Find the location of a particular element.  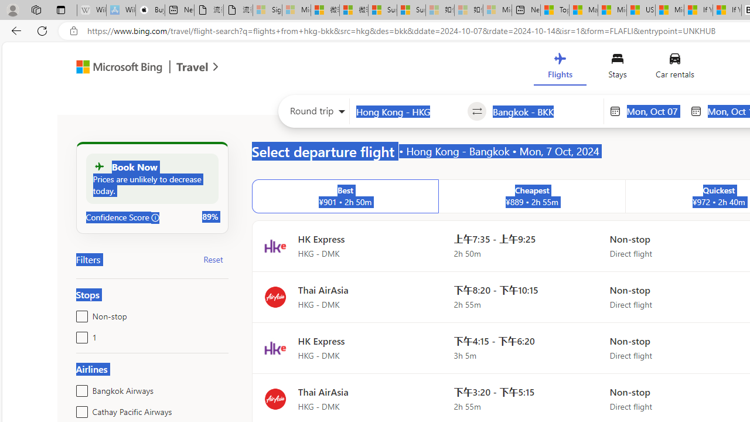

'Top Stories - MSN' is located at coordinates (554, 10).